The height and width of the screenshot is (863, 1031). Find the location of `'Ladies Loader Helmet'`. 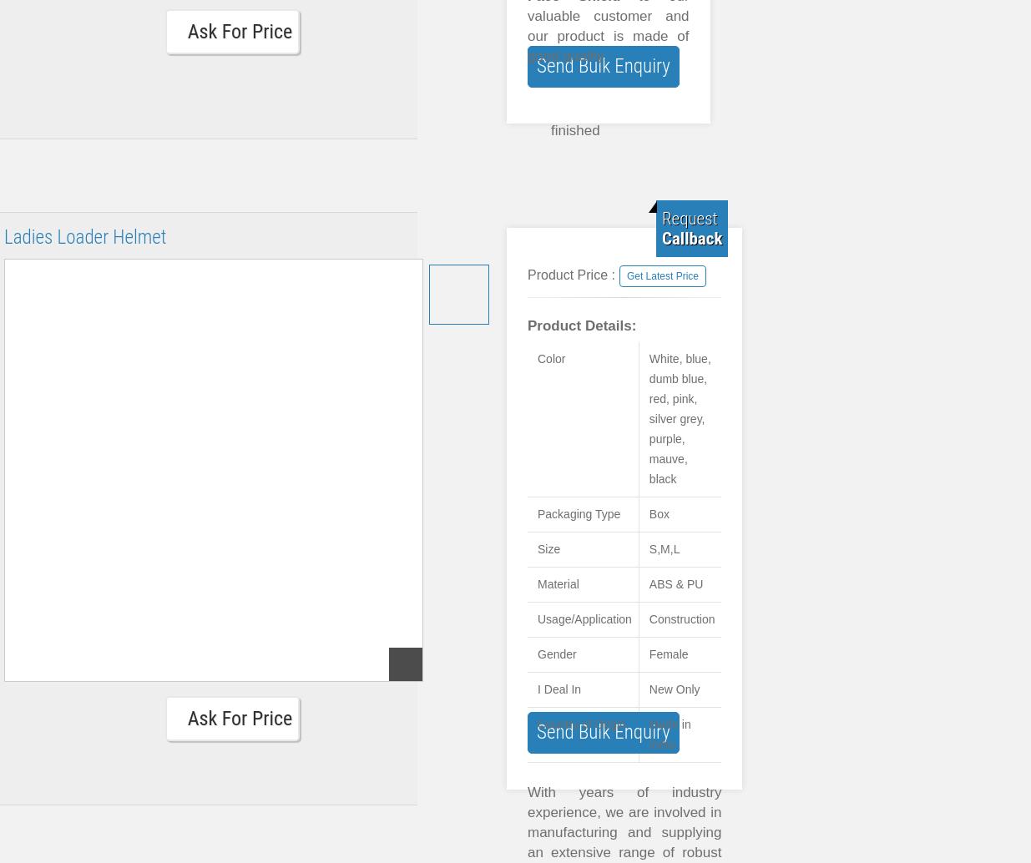

'Ladies Loader Helmet' is located at coordinates (84, 236).